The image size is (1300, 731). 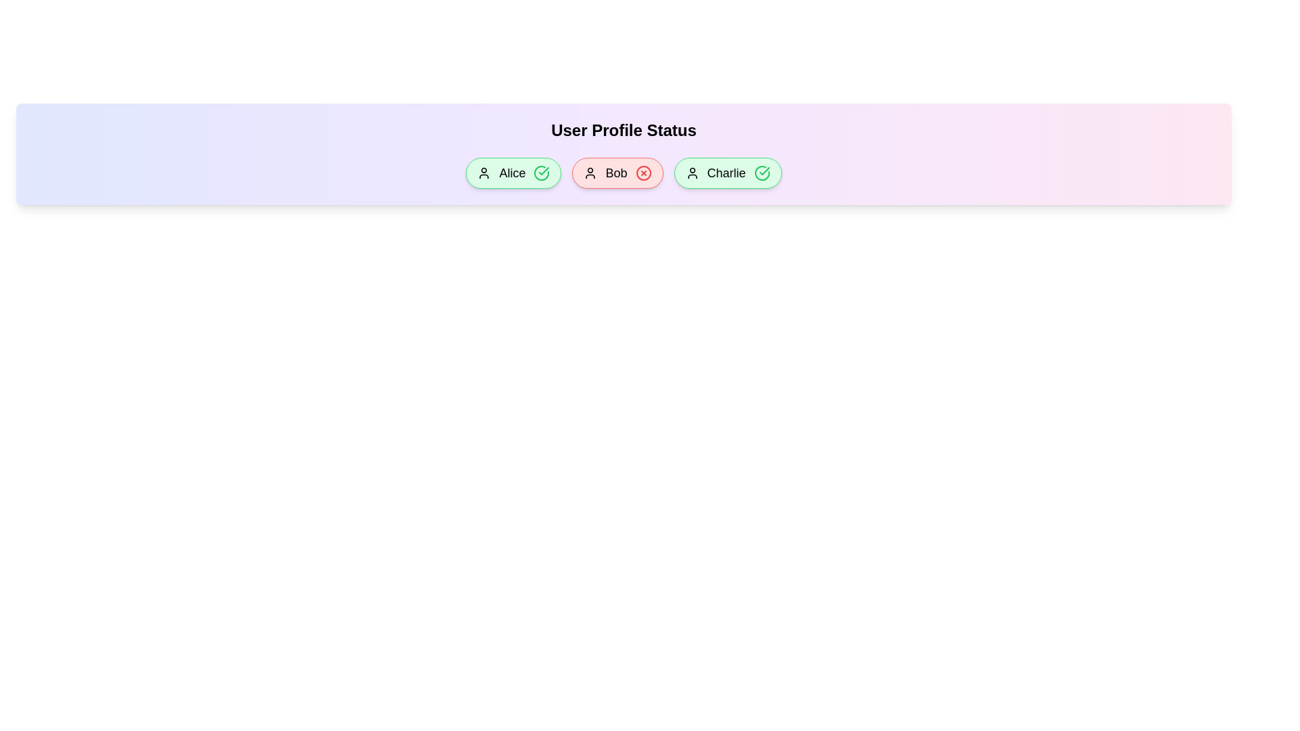 I want to click on the profile chip corresponding to Bob to toggle its active status, so click(x=617, y=172).